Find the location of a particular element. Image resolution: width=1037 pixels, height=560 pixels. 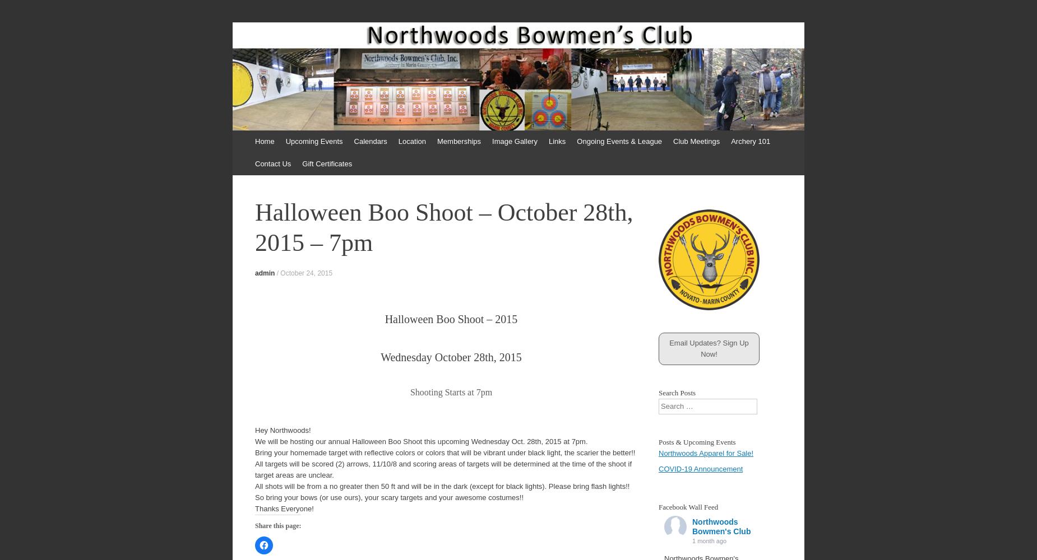

'Hey Northwoods!' is located at coordinates (283, 430).